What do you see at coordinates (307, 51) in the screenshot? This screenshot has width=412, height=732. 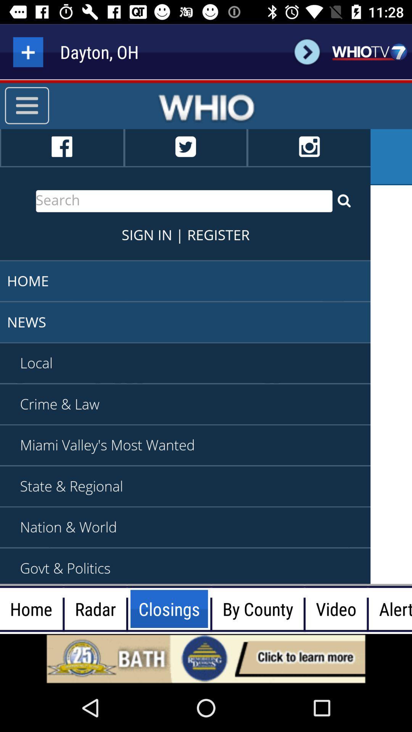 I see `the arrow_forward icon` at bounding box center [307, 51].